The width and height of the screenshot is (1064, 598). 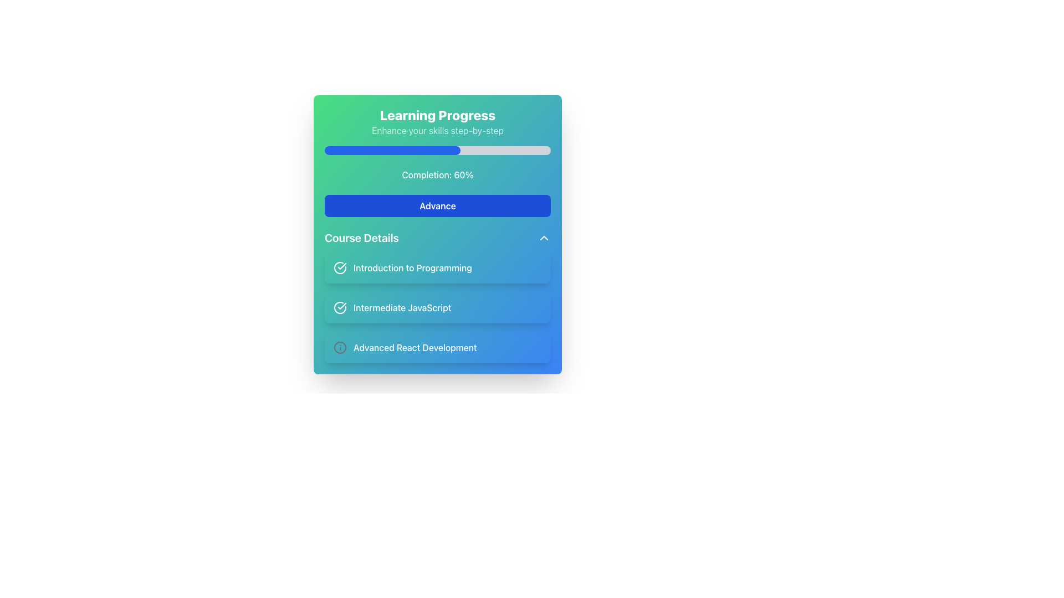 What do you see at coordinates (340, 267) in the screenshot?
I see `the completion status icon for the 'Introduction to Programming' course located in the 'Course Details' section, which is to the left of the course title` at bounding box center [340, 267].